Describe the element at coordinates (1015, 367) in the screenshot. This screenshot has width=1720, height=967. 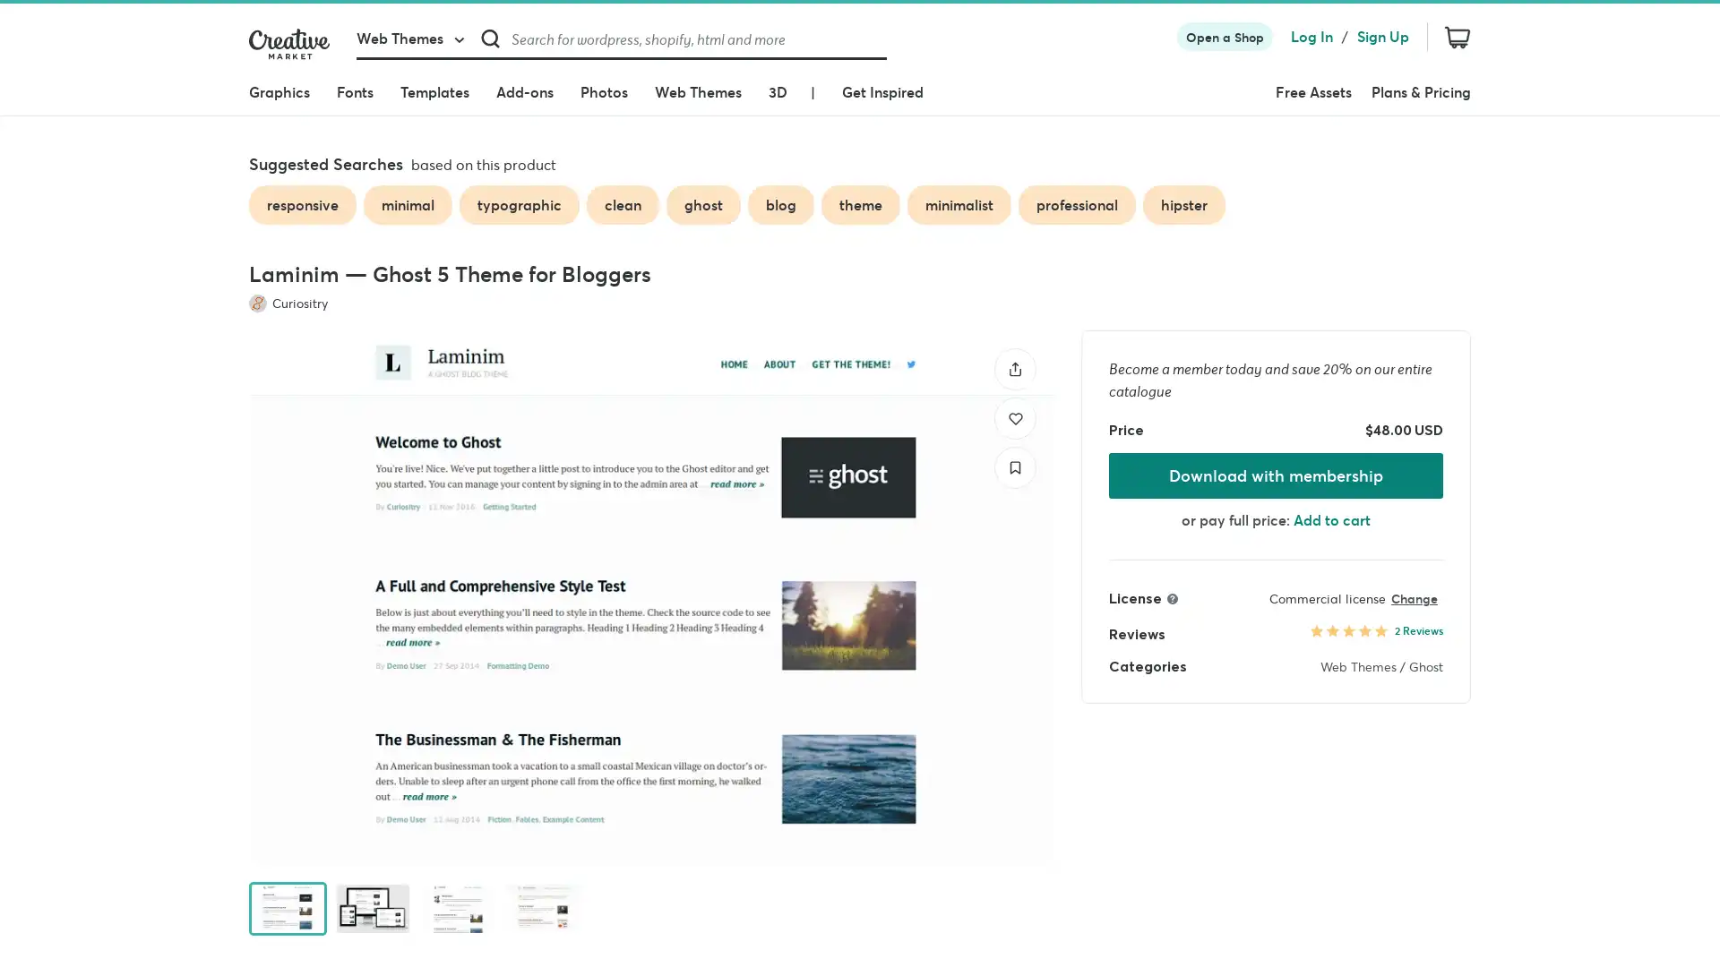
I see `Share` at that location.